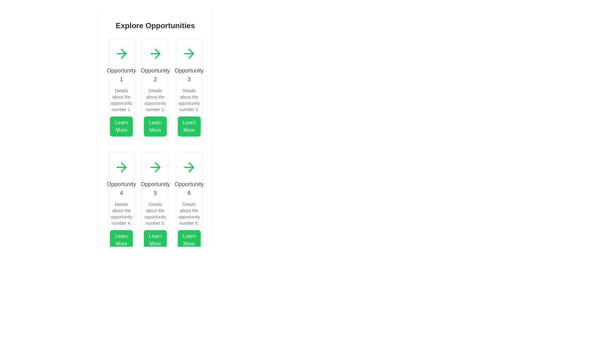 The width and height of the screenshot is (603, 339). What do you see at coordinates (155, 167) in the screenshot?
I see `the decorative icon in the Opportunity 5 card, which is located in the center of the second row, positioned above the 'Details about the opportunity number 5.' text` at bounding box center [155, 167].